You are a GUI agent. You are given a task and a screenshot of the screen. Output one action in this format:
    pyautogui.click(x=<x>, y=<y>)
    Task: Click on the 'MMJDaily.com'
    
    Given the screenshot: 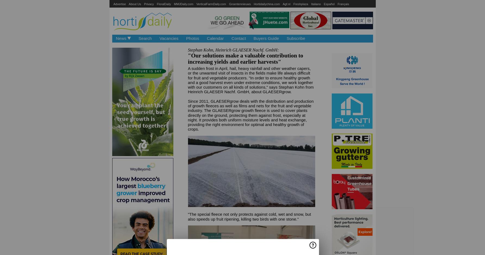 What is the action you would take?
    pyautogui.click(x=183, y=4)
    